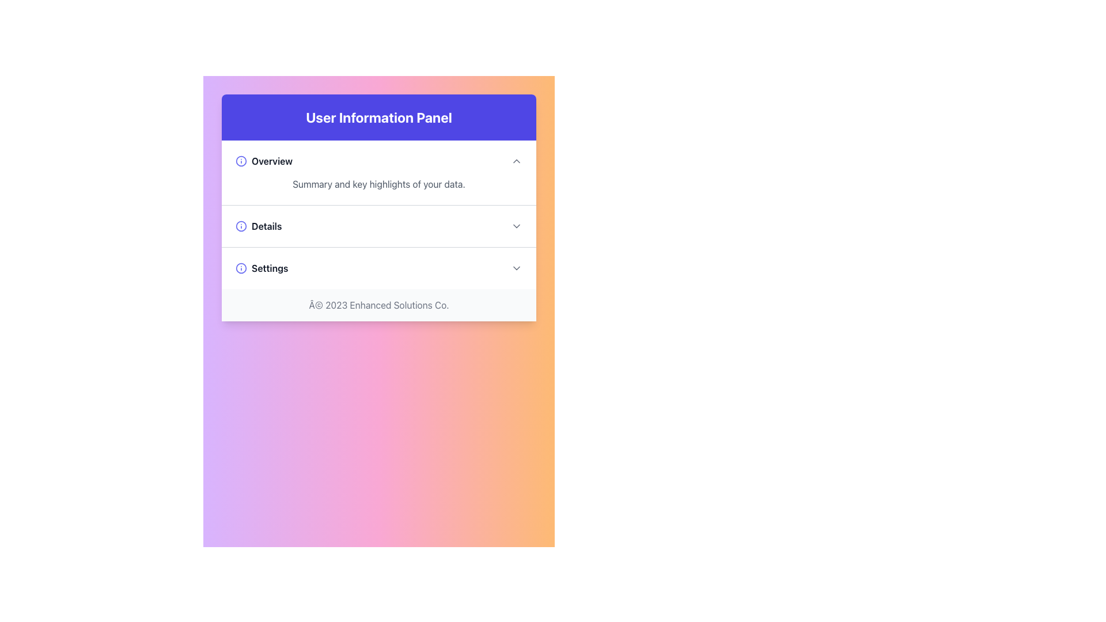 This screenshot has width=1106, height=622. I want to click on the 'Overview' text label with an information icon located at the top of the User Information Panel, so click(263, 161).